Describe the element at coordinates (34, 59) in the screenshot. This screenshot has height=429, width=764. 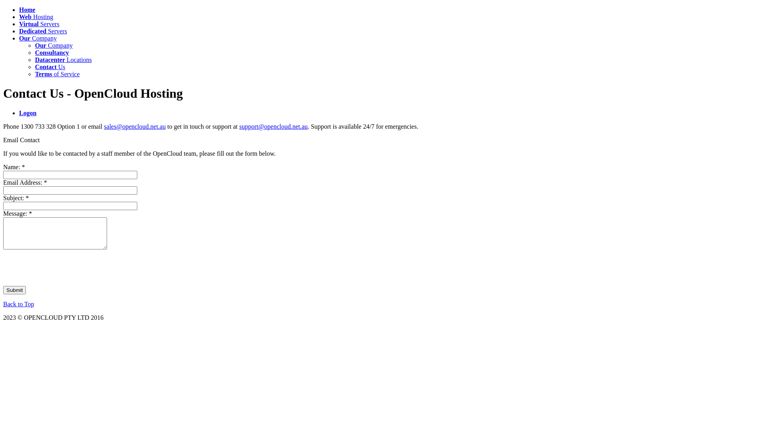
I see `'Datacenter Locations'` at that location.